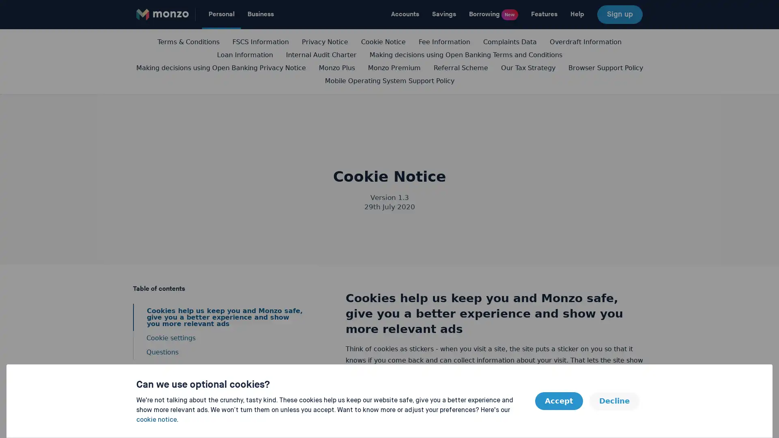 Image resolution: width=779 pixels, height=438 pixels. I want to click on Accounts, so click(405, 14).